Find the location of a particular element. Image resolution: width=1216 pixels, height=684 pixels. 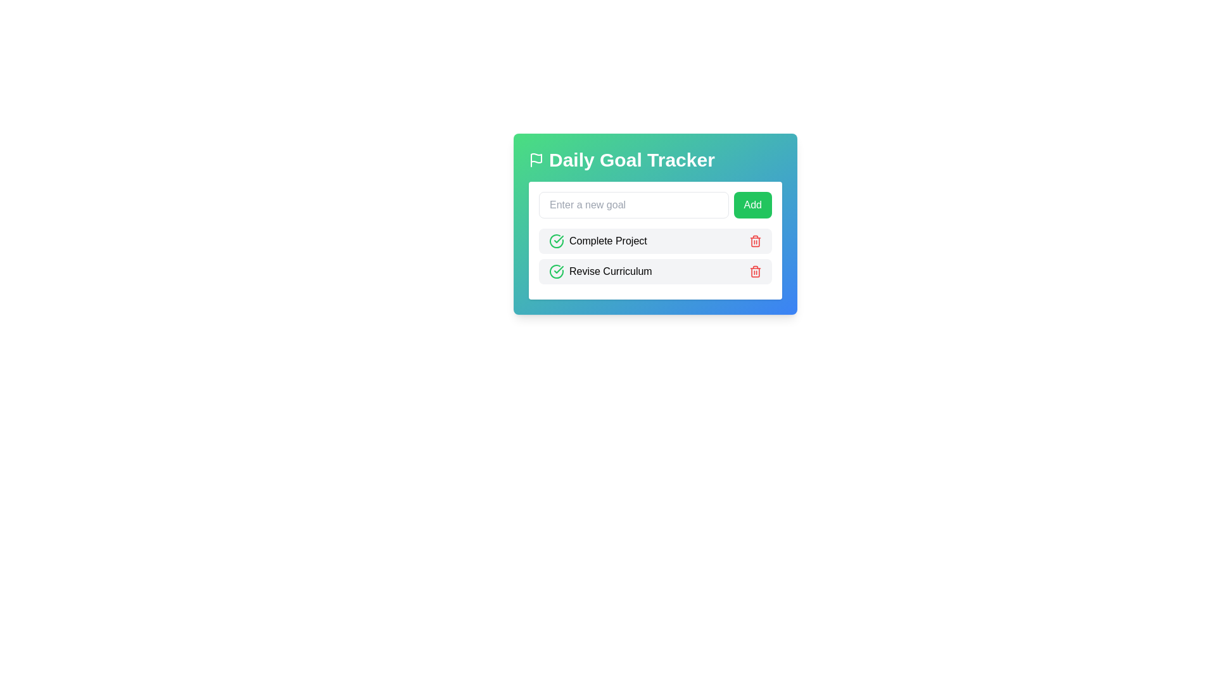

the button is located at coordinates (752, 205).